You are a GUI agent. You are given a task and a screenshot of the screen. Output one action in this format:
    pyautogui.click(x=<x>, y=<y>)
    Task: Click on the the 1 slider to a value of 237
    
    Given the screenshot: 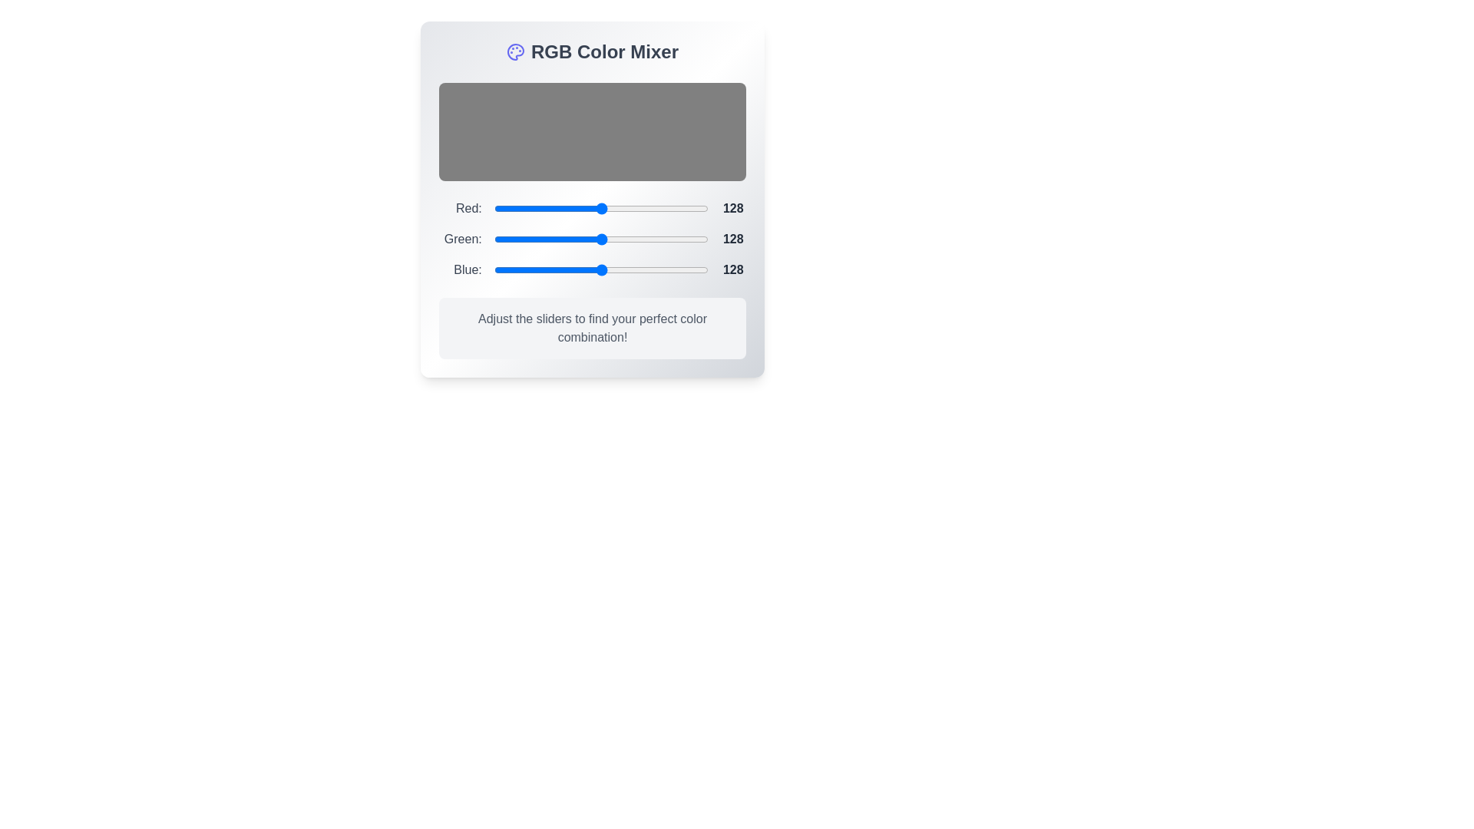 What is the action you would take?
    pyautogui.click(x=699, y=239)
    